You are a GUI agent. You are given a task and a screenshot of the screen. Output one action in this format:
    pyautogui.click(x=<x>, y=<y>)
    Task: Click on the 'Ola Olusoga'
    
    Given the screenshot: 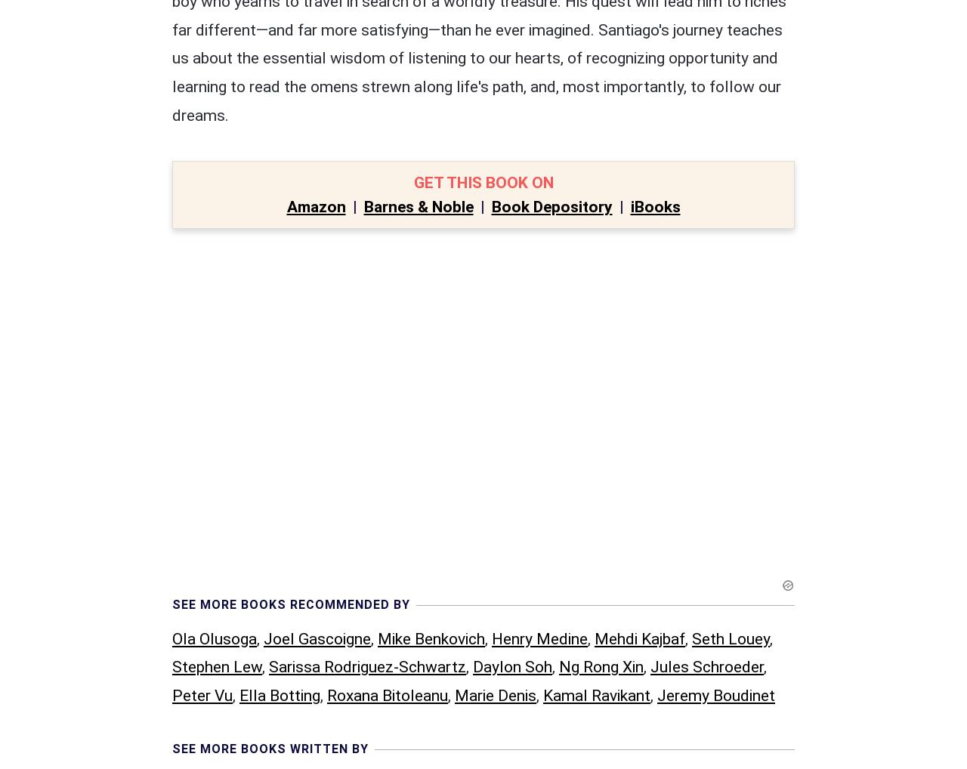 What is the action you would take?
    pyautogui.click(x=214, y=324)
    